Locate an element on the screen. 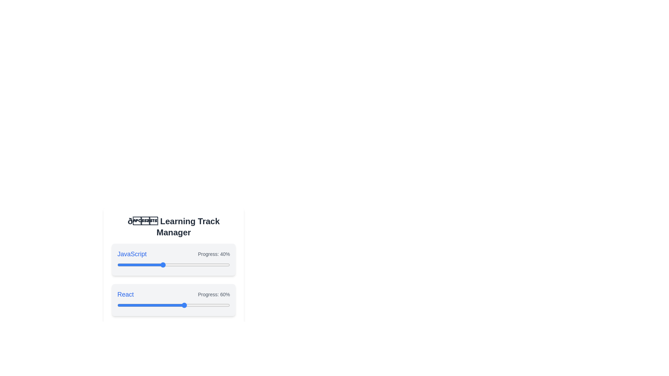 The height and width of the screenshot is (376, 669). the progress value is located at coordinates (161, 305).